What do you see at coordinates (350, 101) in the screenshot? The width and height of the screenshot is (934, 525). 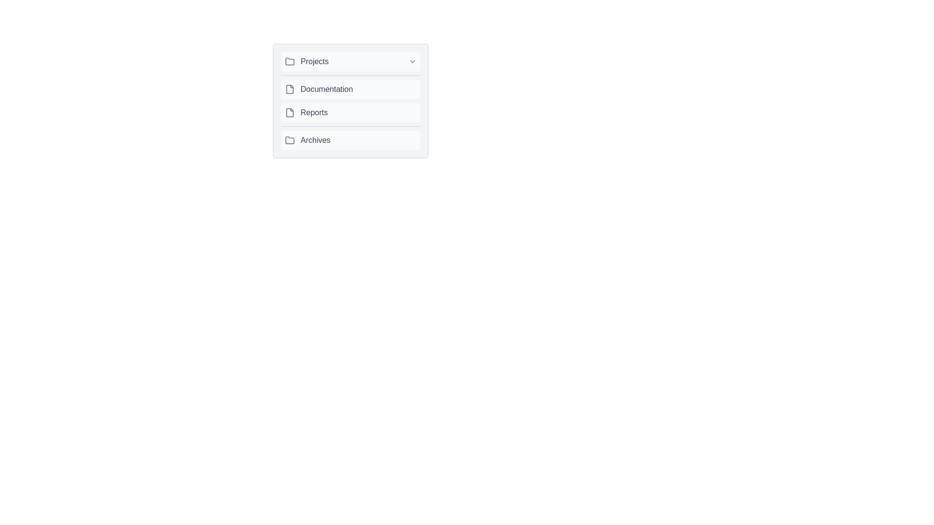 I see `the 'Documentation' menu item, which is the second item` at bounding box center [350, 101].